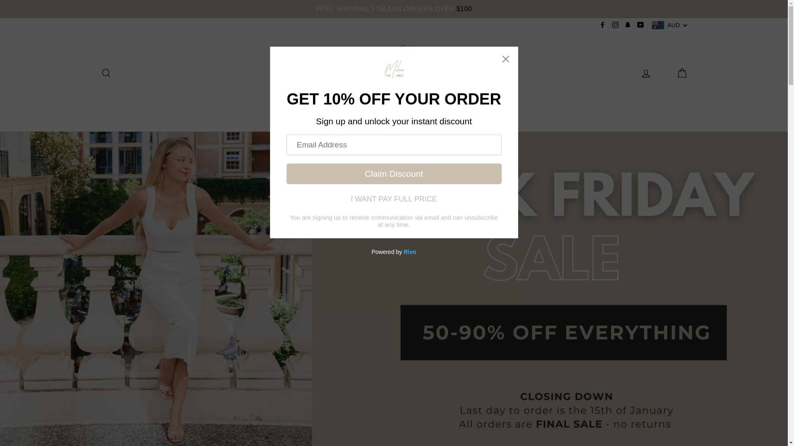 This screenshot has width=794, height=446. What do you see at coordinates (0, 0) in the screenshot?
I see `'Skip to content'` at bounding box center [0, 0].